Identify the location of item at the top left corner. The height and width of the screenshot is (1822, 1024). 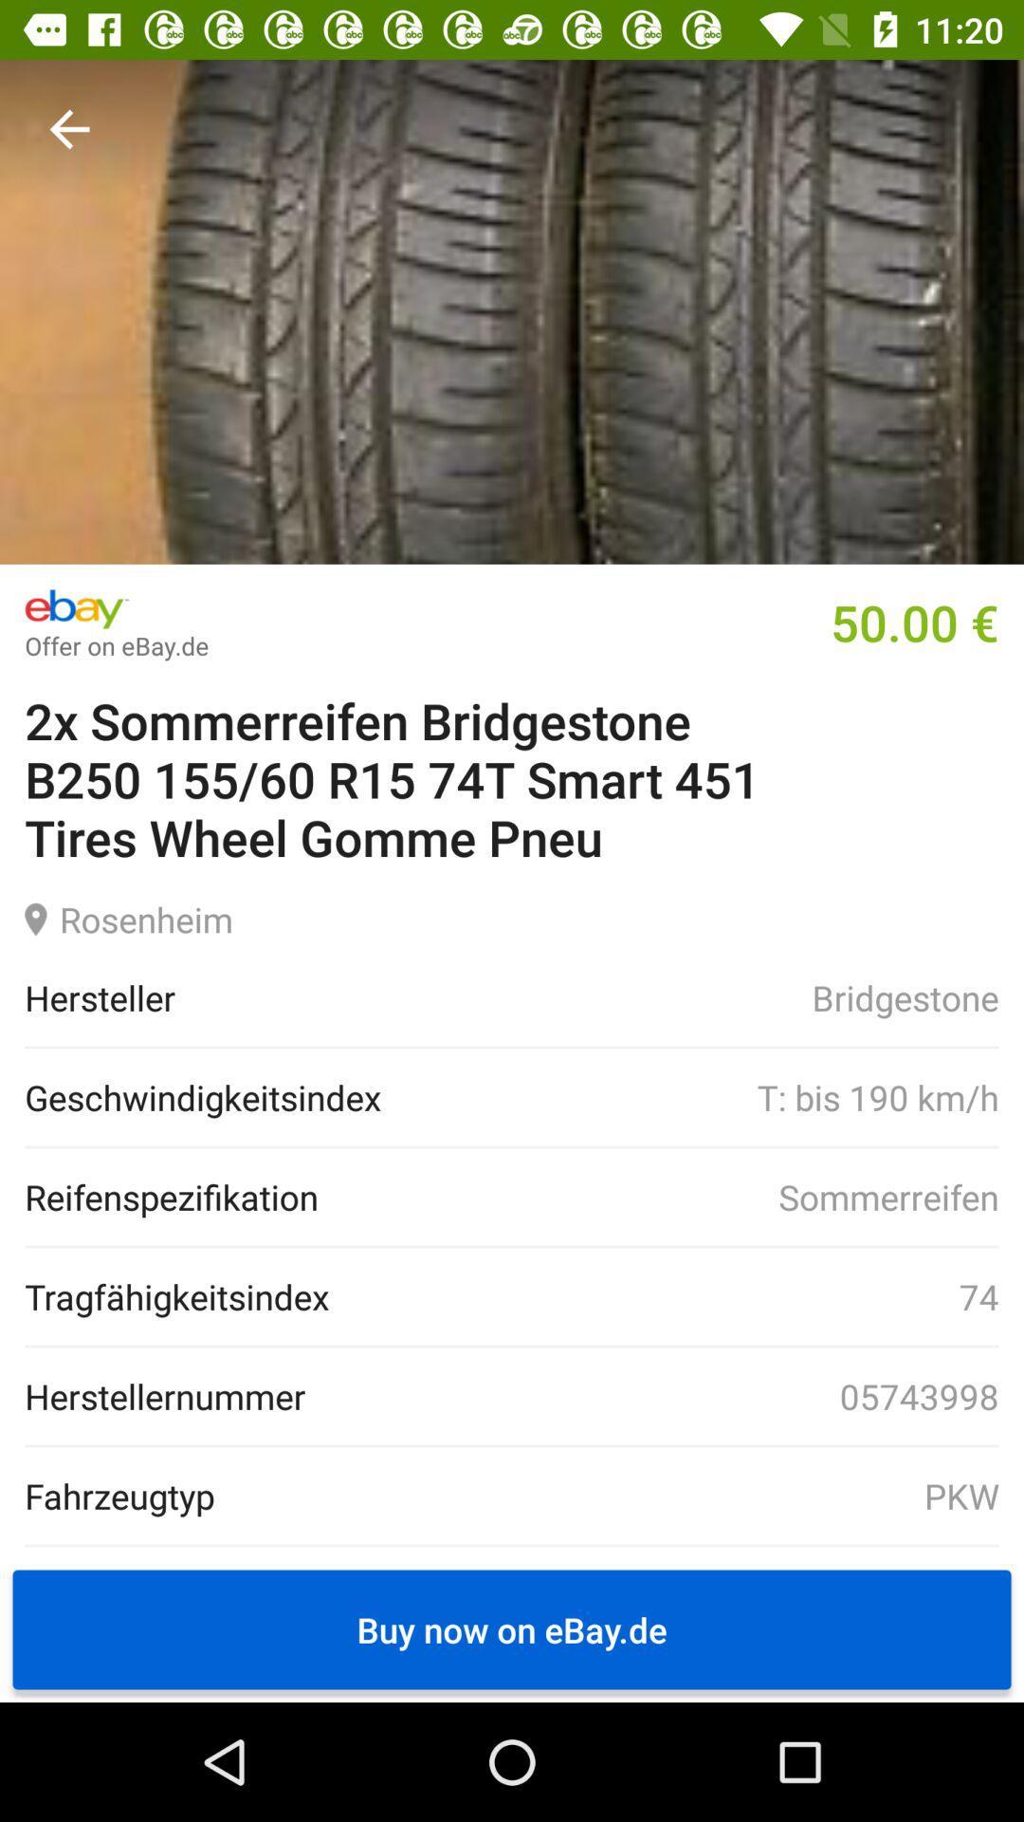
(68, 128).